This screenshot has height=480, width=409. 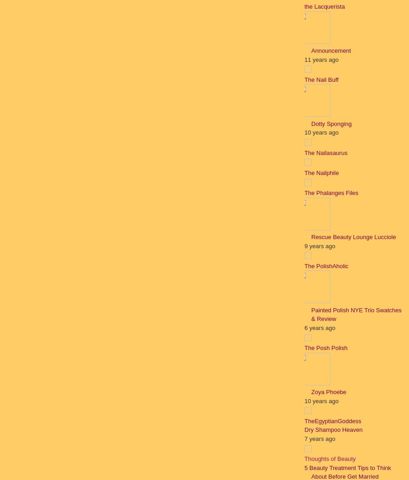 I want to click on 'TheEgyptianGoddess', so click(x=332, y=420).